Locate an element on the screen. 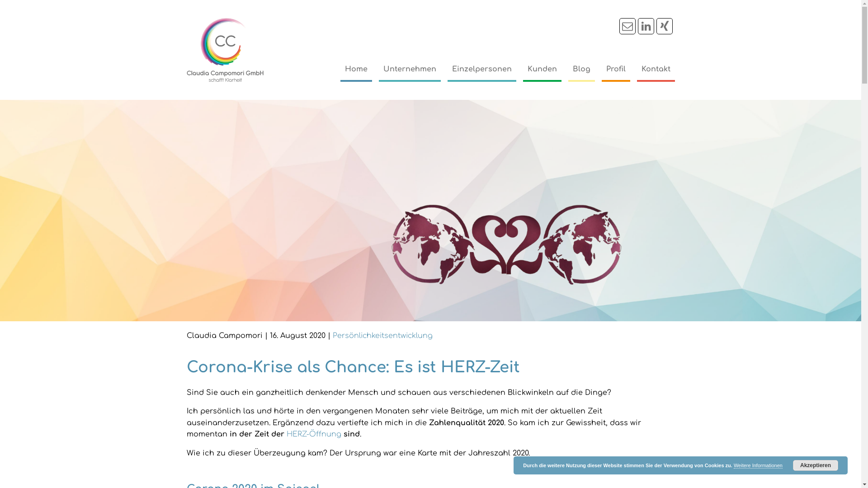 This screenshot has width=868, height=488. 'Weitere Informationen' is located at coordinates (758, 465).